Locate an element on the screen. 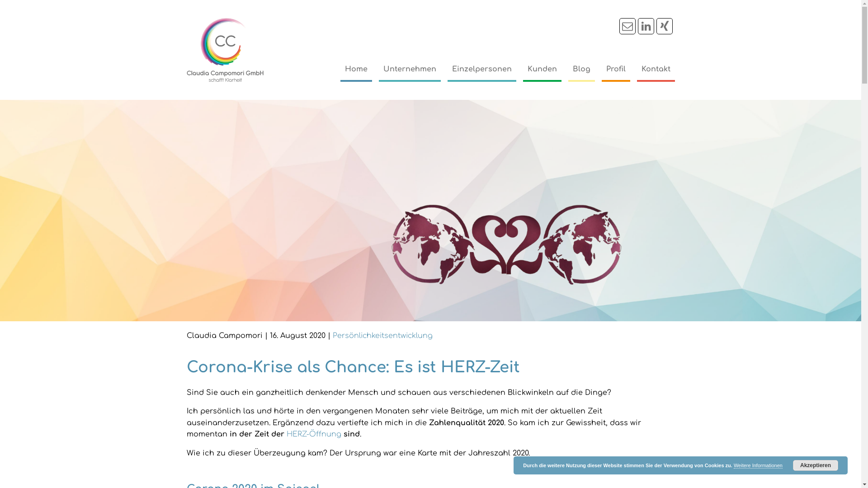 This screenshot has width=868, height=488. 'Weitere Informationen' is located at coordinates (758, 465).